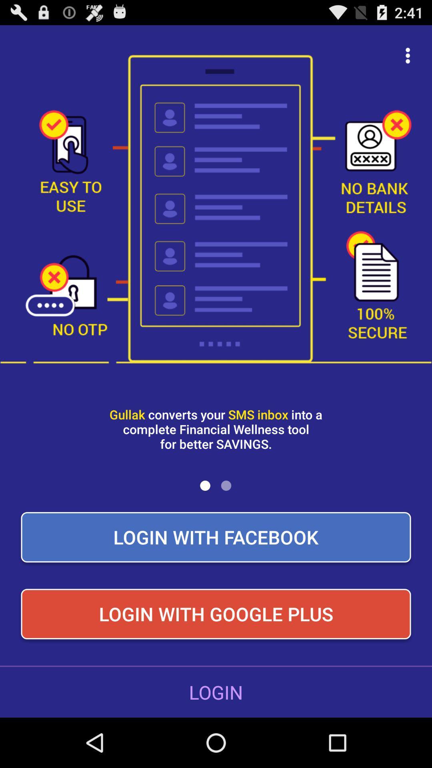  What do you see at coordinates (408, 59) in the screenshot?
I see `the more icon` at bounding box center [408, 59].